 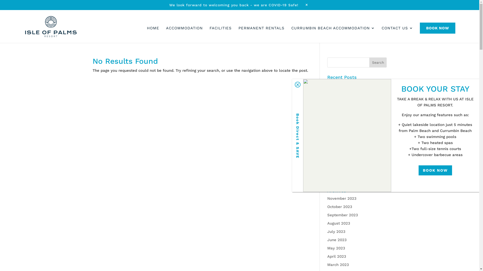 I want to click on 'April 2023', so click(x=337, y=256).